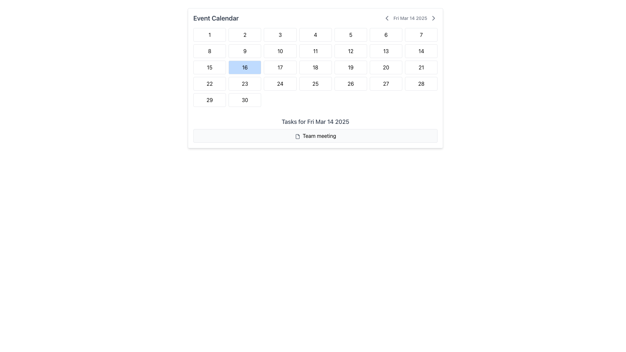 This screenshot has height=352, width=626. I want to click on the interactive calendar cell displaying the number '22', located in the fourth row and first column of the calendar grid, so click(210, 83).